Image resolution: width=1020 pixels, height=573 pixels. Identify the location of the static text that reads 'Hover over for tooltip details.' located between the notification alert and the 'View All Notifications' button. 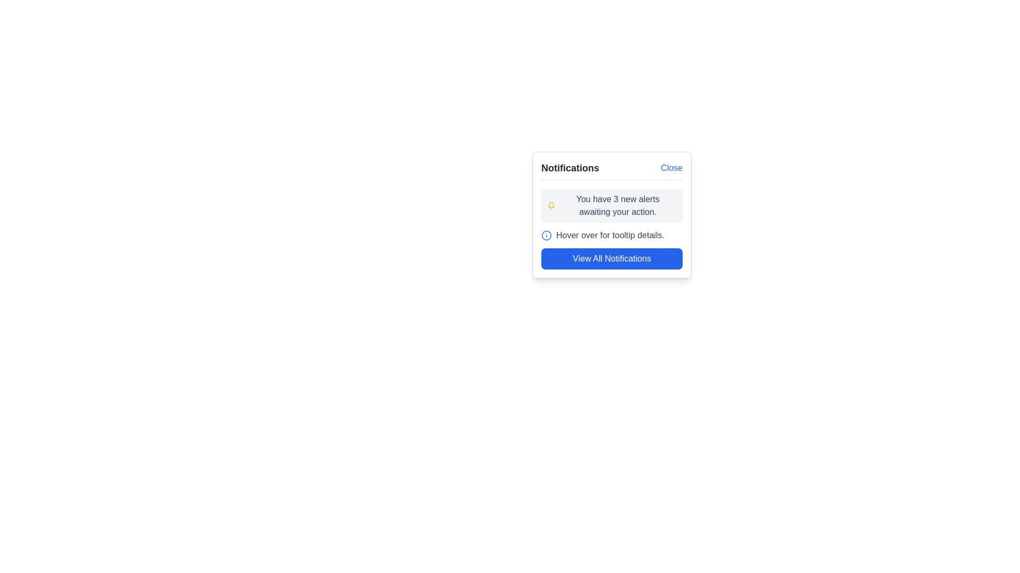
(610, 235).